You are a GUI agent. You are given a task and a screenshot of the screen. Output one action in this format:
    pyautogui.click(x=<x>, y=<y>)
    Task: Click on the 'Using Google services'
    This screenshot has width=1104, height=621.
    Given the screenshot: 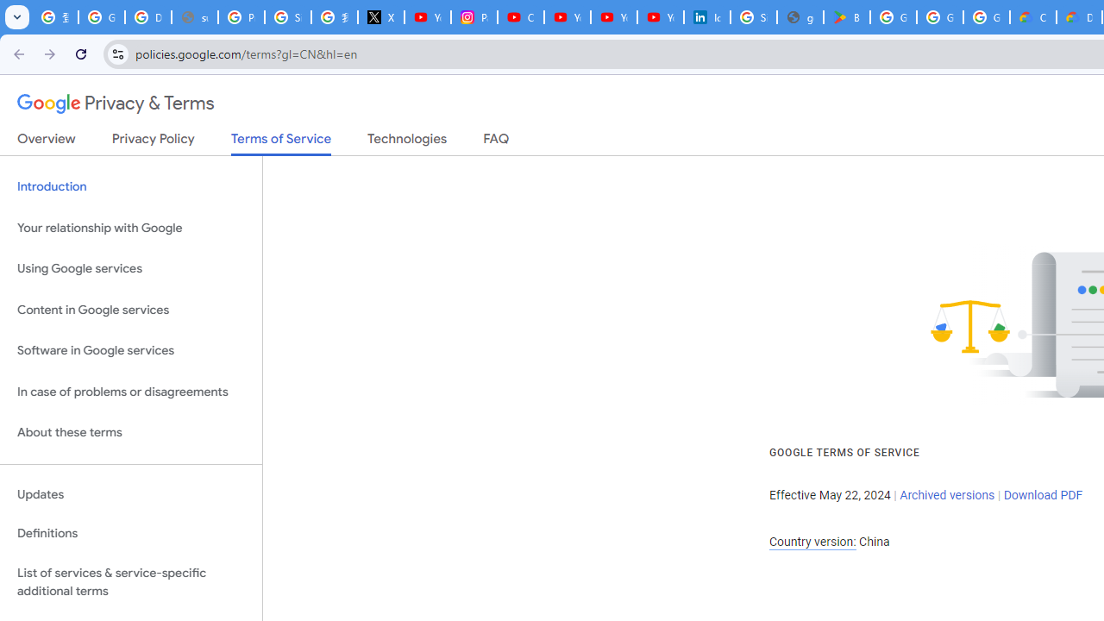 What is the action you would take?
    pyautogui.click(x=130, y=269)
    